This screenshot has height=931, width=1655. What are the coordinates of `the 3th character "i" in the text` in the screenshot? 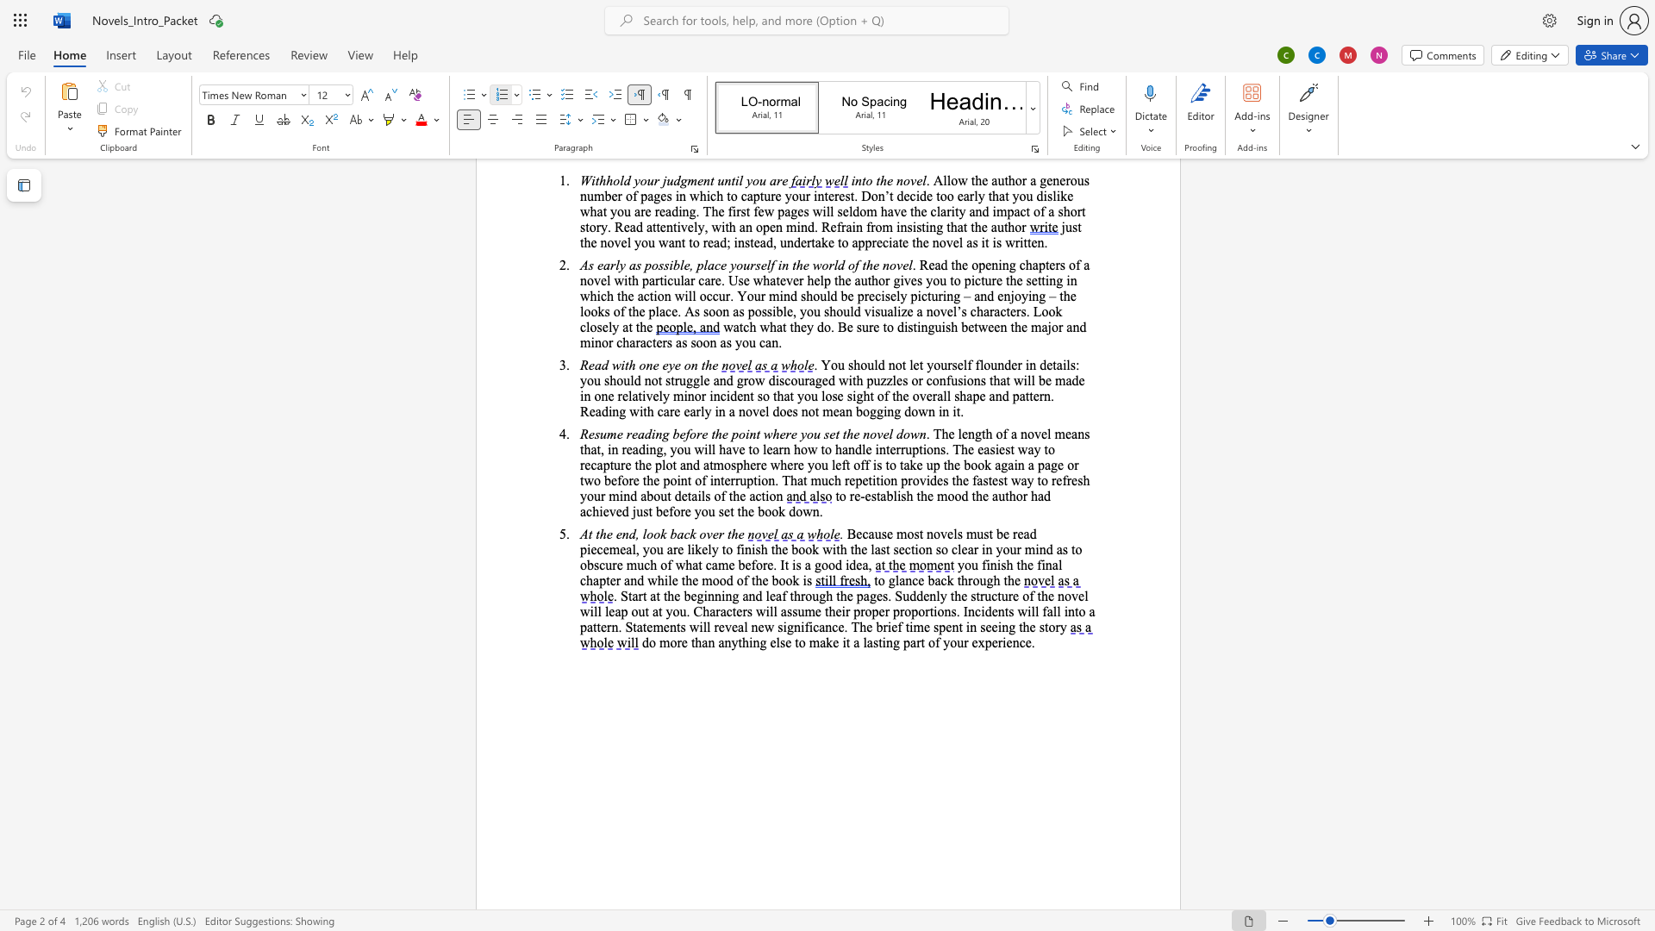 It's located at (766, 496).